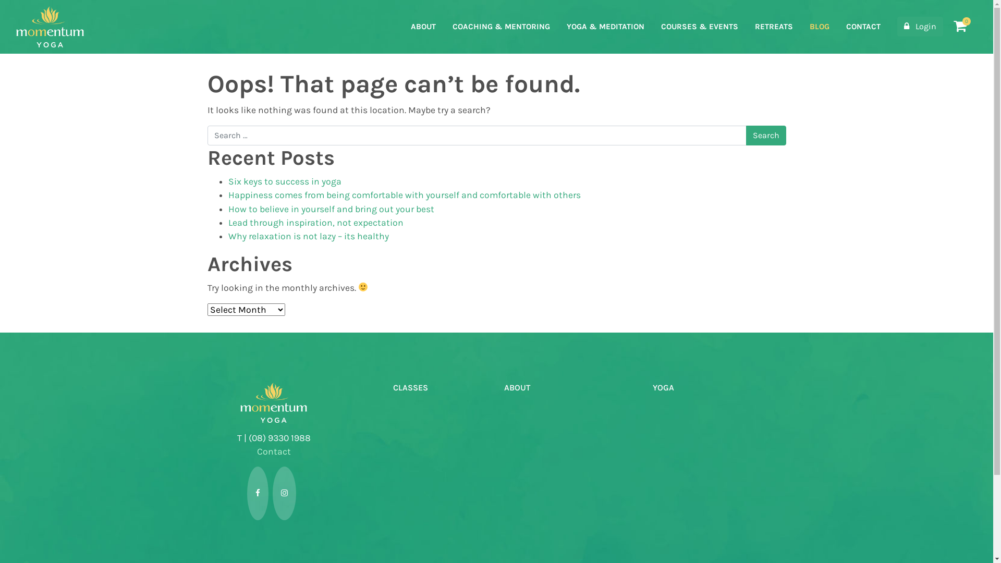  What do you see at coordinates (501, 26) in the screenshot?
I see `'COACHING & MENTORING'` at bounding box center [501, 26].